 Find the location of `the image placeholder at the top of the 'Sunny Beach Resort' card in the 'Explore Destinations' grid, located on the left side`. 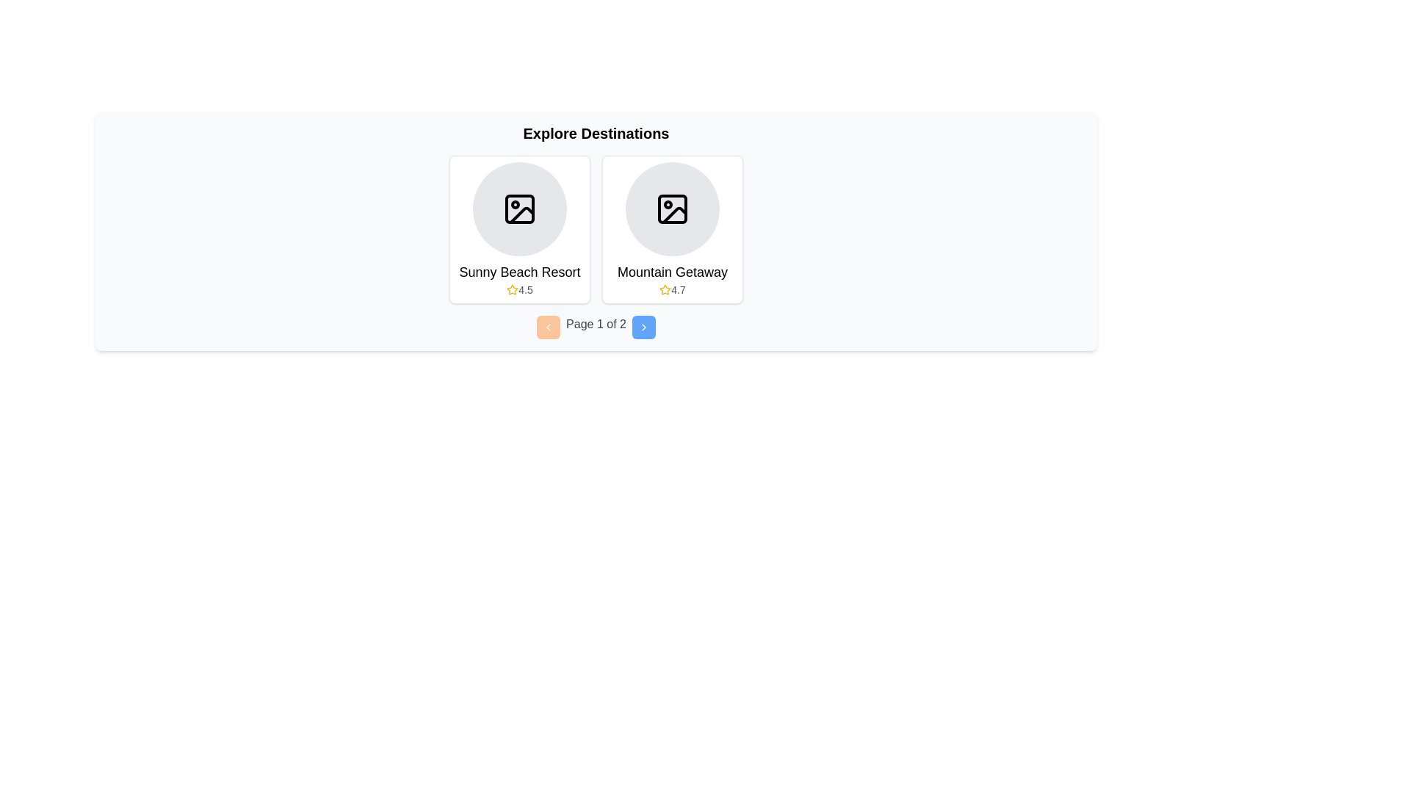

the image placeholder at the top of the 'Sunny Beach Resort' card in the 'Explore Destinations' grid, located on the left side is located at coordinates (520, 209).